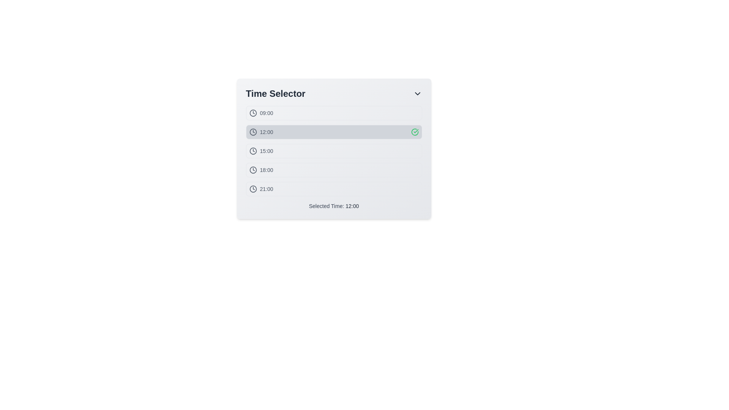 This screenshot has height=410, width=729. I want to click on the circular clock icon that is located to the left of the text '12:00', so click(253, 131).